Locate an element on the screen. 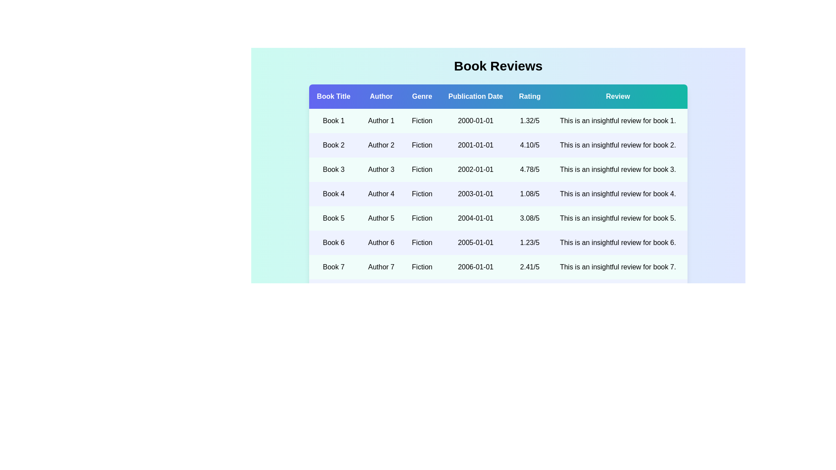  the book title Book 3 to view its details is located at coordinates (333, 169).